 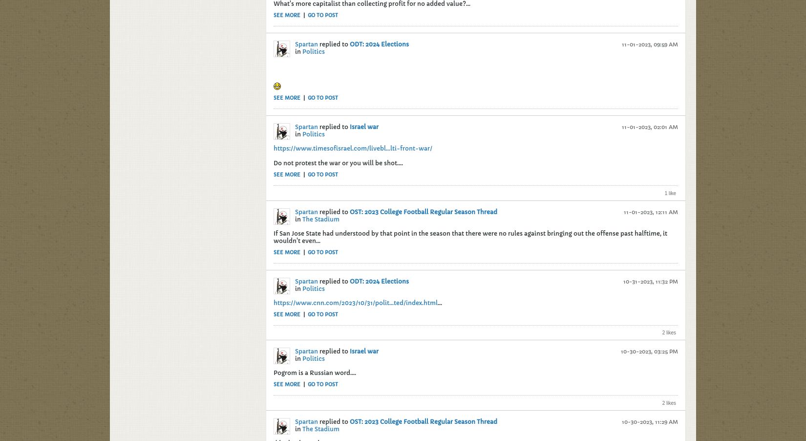 I want to click on 'Pogrom is a Russian word....', so click(x=314, y=372).